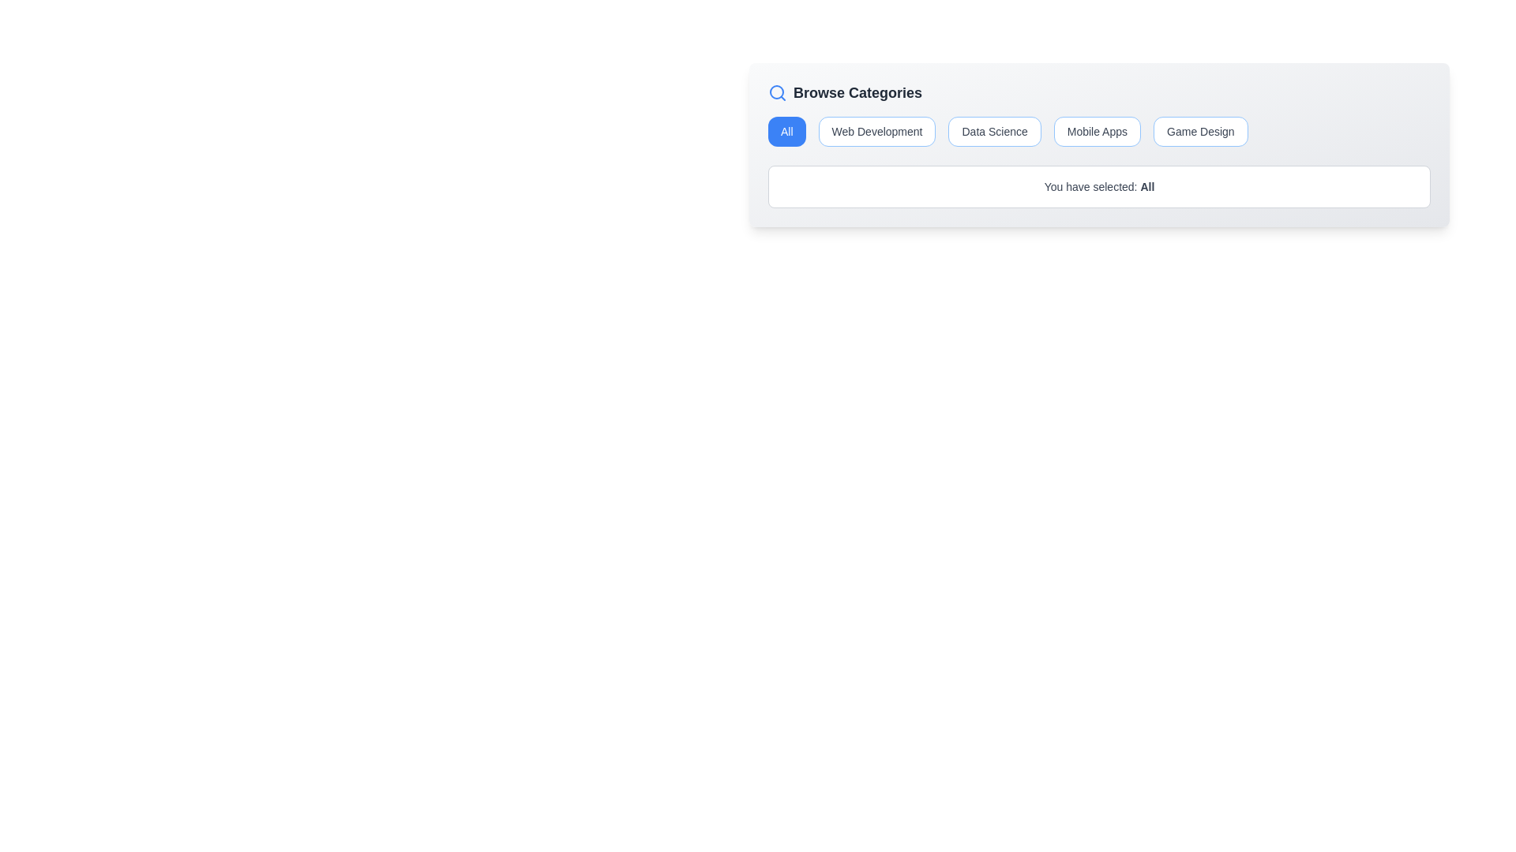 This screenshot has height=852, width=1516. What do you see at coordinates (777, 93) in the screenshot?
I see `the search icon located to the left of the 'Browse Categories' text` at bounding box center [777, 93].